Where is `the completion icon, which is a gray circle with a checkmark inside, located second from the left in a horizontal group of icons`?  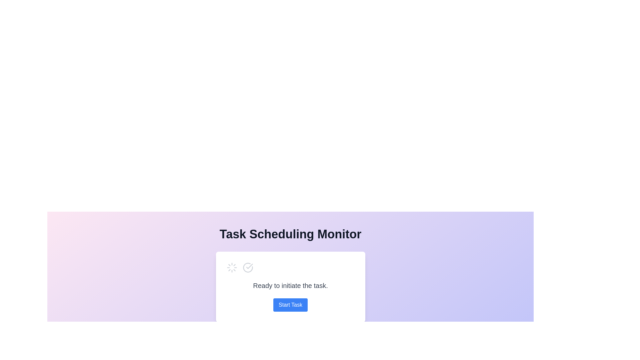
the completion icon, which is a gray circle with a checkmark inside, located second from the left in a horizontal group of icons is located at coordinates (247, 267).